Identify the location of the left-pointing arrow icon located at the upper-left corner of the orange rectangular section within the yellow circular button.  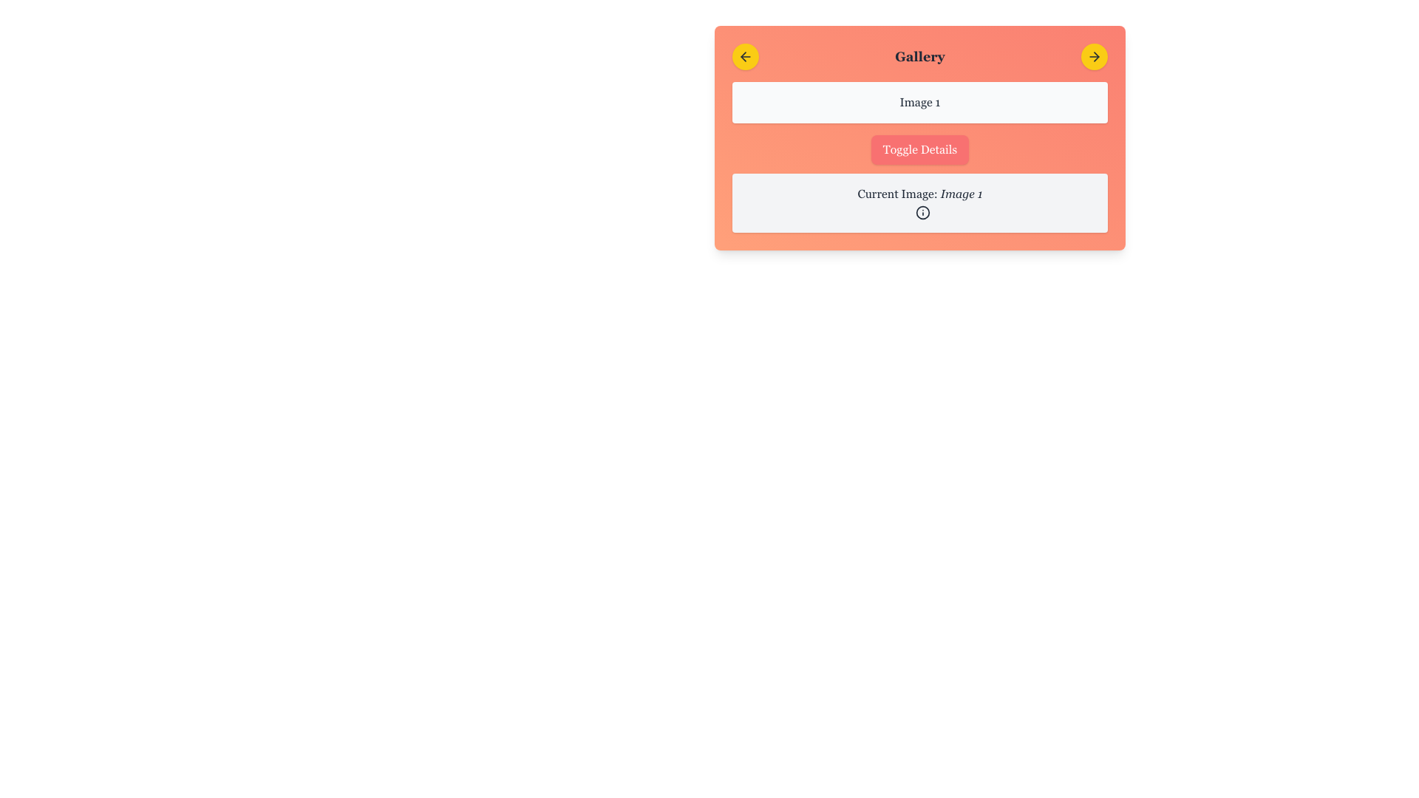
(745, 56).